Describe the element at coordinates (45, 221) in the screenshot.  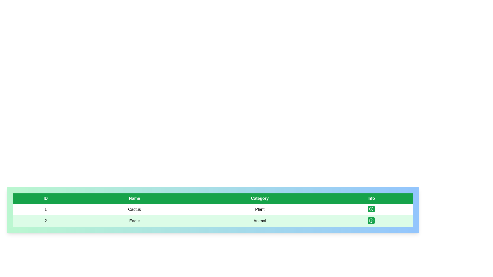
I see `the text display element showing the number '2' in bold font, located in the leftmost column of the second row of a tabular grid with a light green background` at that location.